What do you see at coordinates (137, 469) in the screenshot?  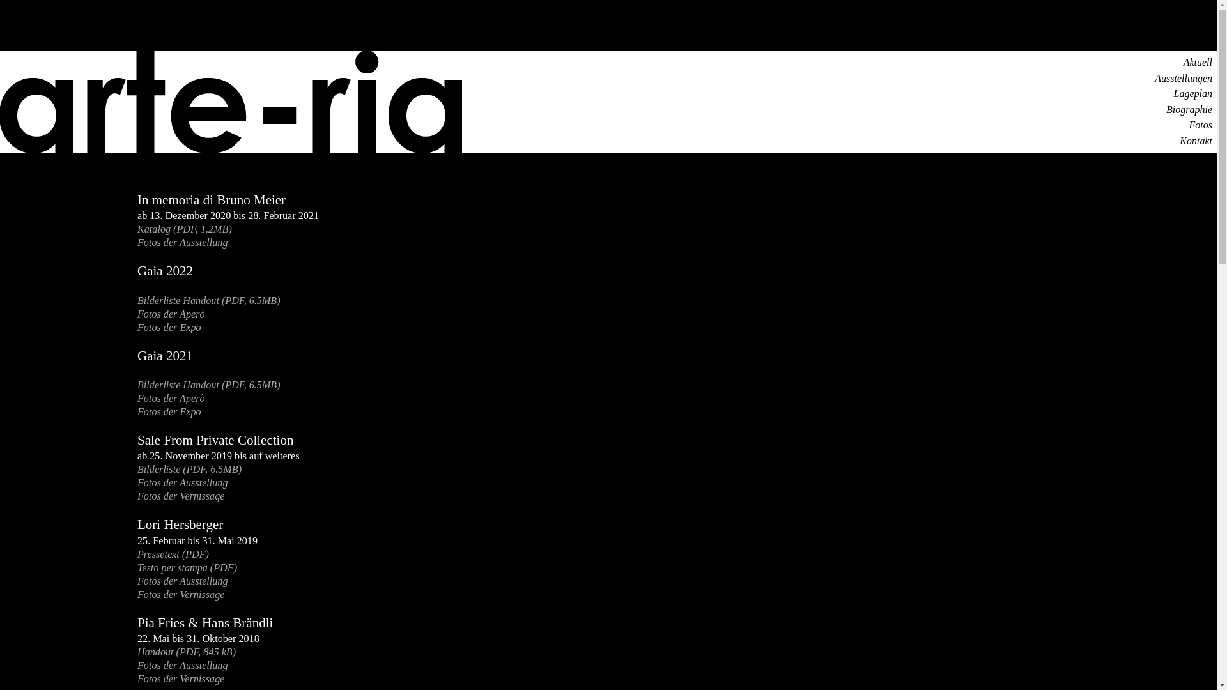 I see `'Bilderliste (PDF, 6.5MB)'` at bounding box center [137, 469].